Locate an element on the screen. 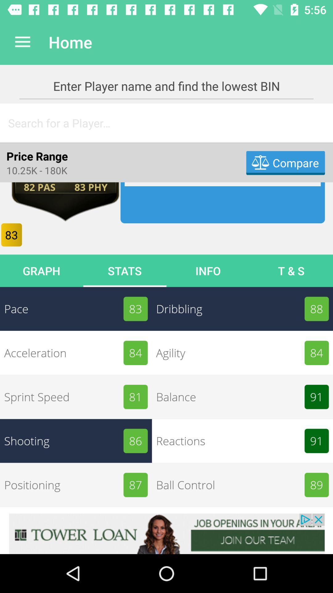 This screenshot has height=593, width=333. searching for someone is located at coordinates (166, 123).